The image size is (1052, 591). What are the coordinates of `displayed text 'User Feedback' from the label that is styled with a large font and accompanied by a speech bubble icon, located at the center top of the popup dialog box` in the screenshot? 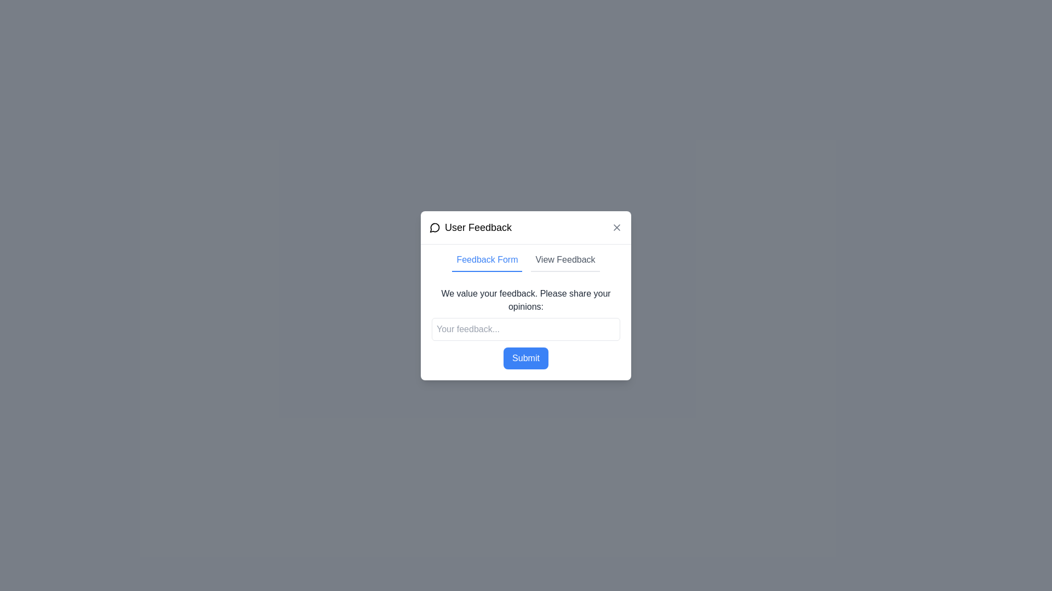 It's located at (471, 227).